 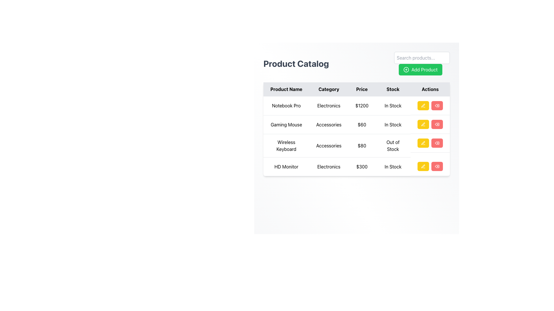 I want to click on the 'Product Name' text label in the fourth row of the 'Product Catalog' table, which identifies the product including its category, price, and stock status, so click(x=286, y=166).